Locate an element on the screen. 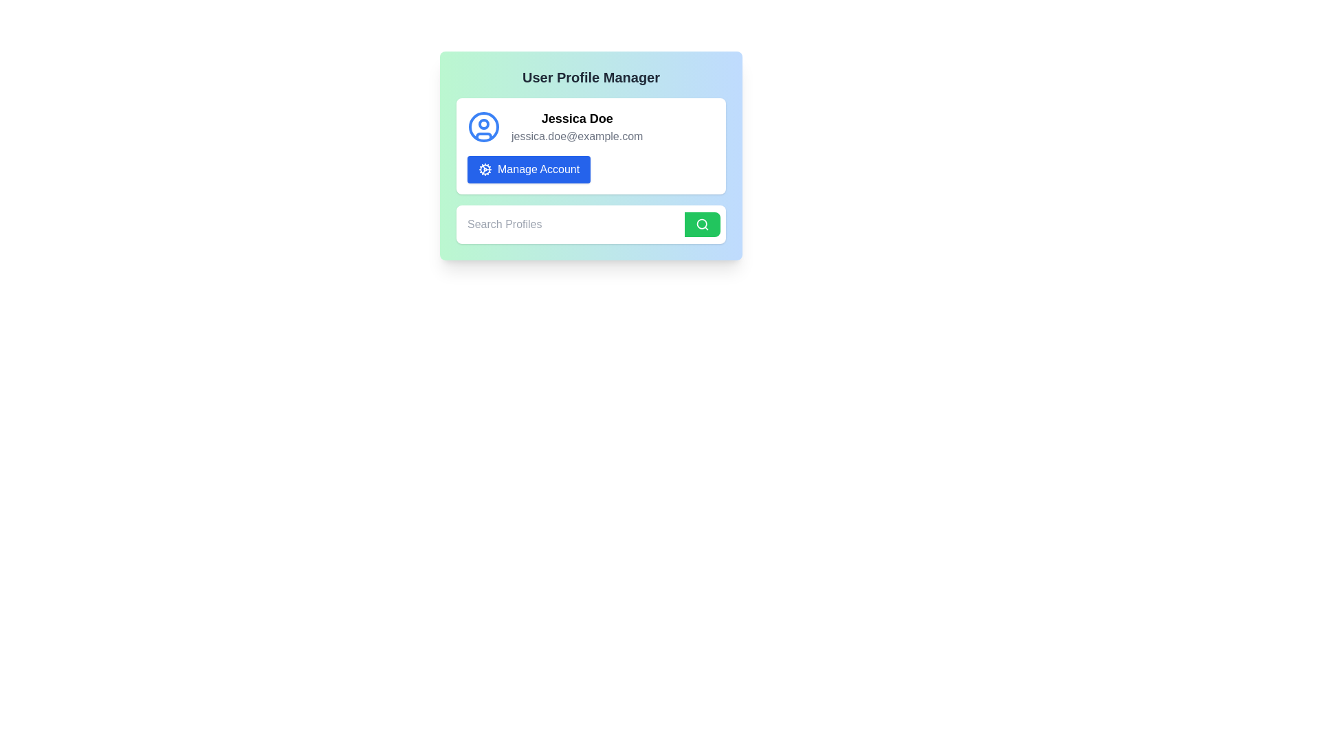 The width and height of the screenshot is (1320, 742). the 'Manage Account' button which features a white font on a blue background, rounded corners, a shadow effect, and a cogwheel icon to its left, located below the user profile section is located at coordinates (538, 168).